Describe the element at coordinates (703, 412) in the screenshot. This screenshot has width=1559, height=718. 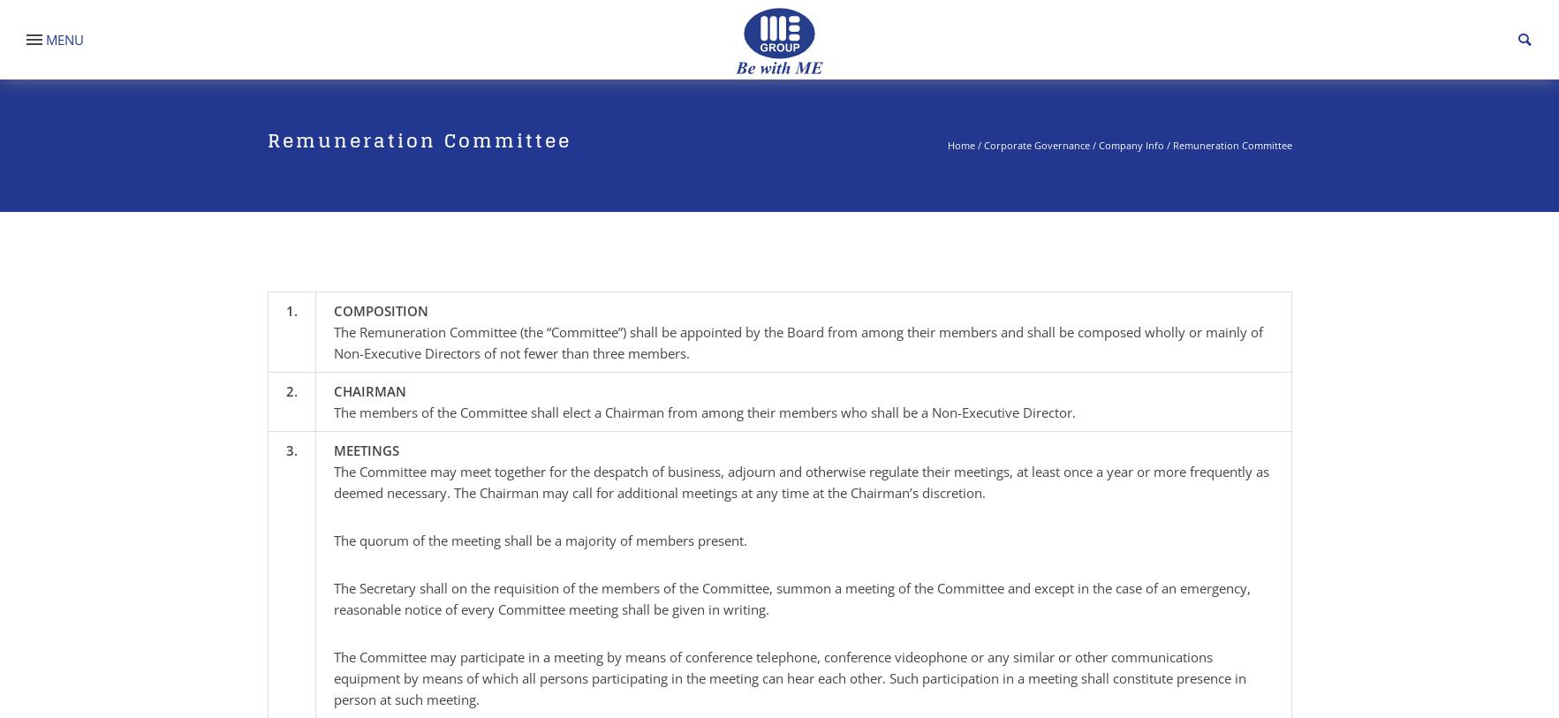
I see `'The members of the Committee shall elect a Chairman from among their members who shall be a Non-Executive Director.'` at that location.